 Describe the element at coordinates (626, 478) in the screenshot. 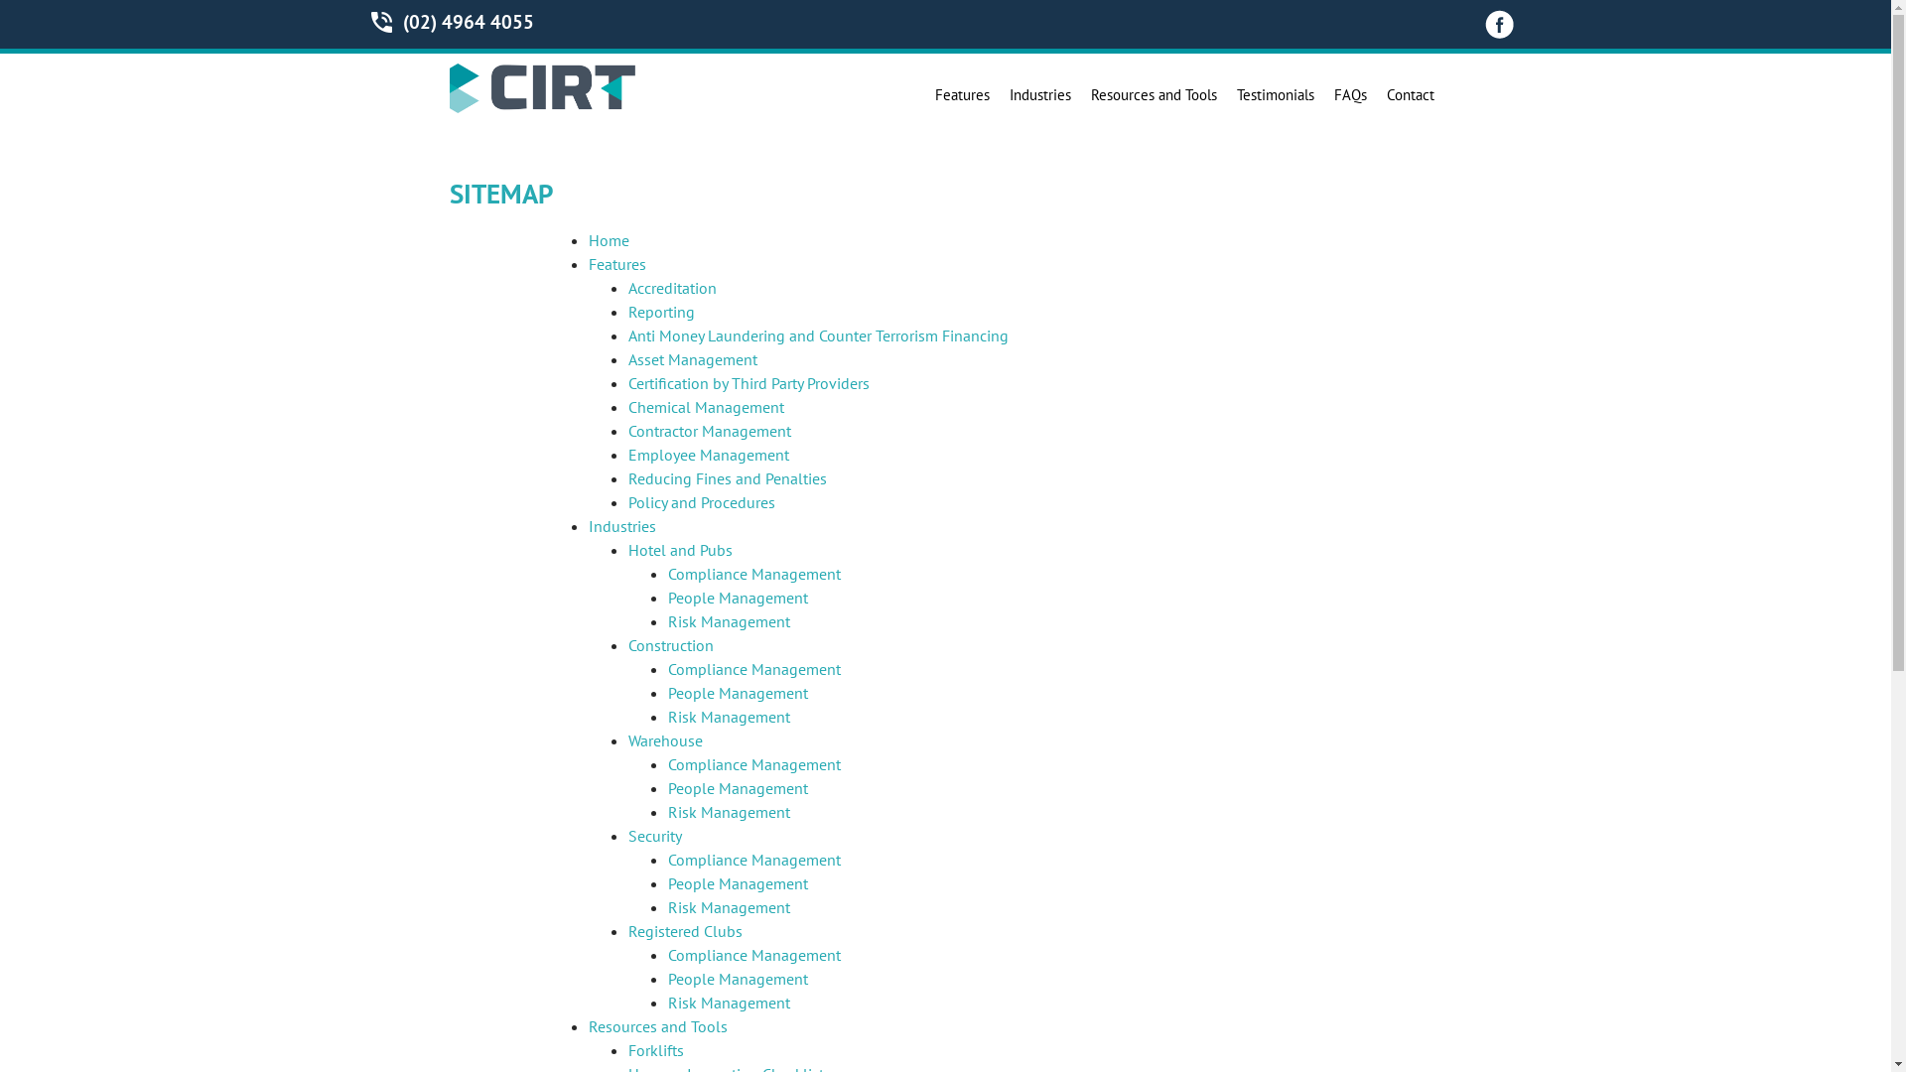

I see `'Reducing Fines and Penalties'` at that location.